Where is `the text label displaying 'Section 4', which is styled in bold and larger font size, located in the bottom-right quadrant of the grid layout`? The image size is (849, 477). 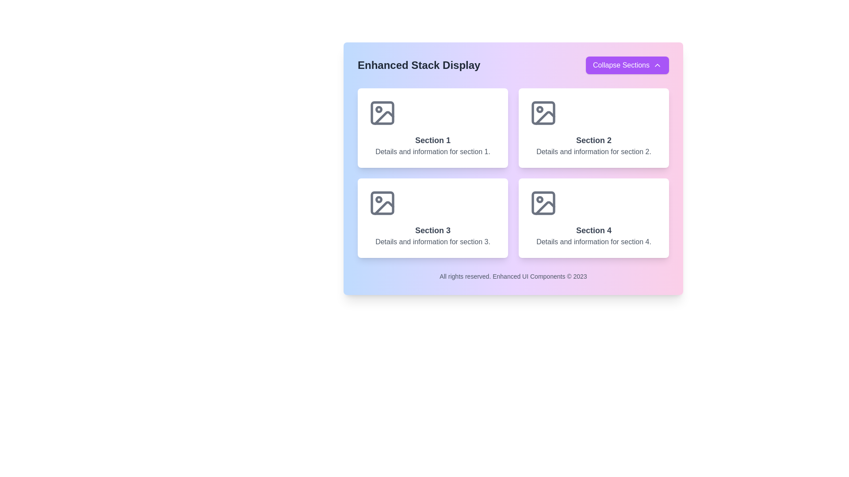
the text label displaying 'Section 4', which is styled in bold and larger font size, located in the bottom-right quadrant of the grid layout is located at coordinates (594, 230).